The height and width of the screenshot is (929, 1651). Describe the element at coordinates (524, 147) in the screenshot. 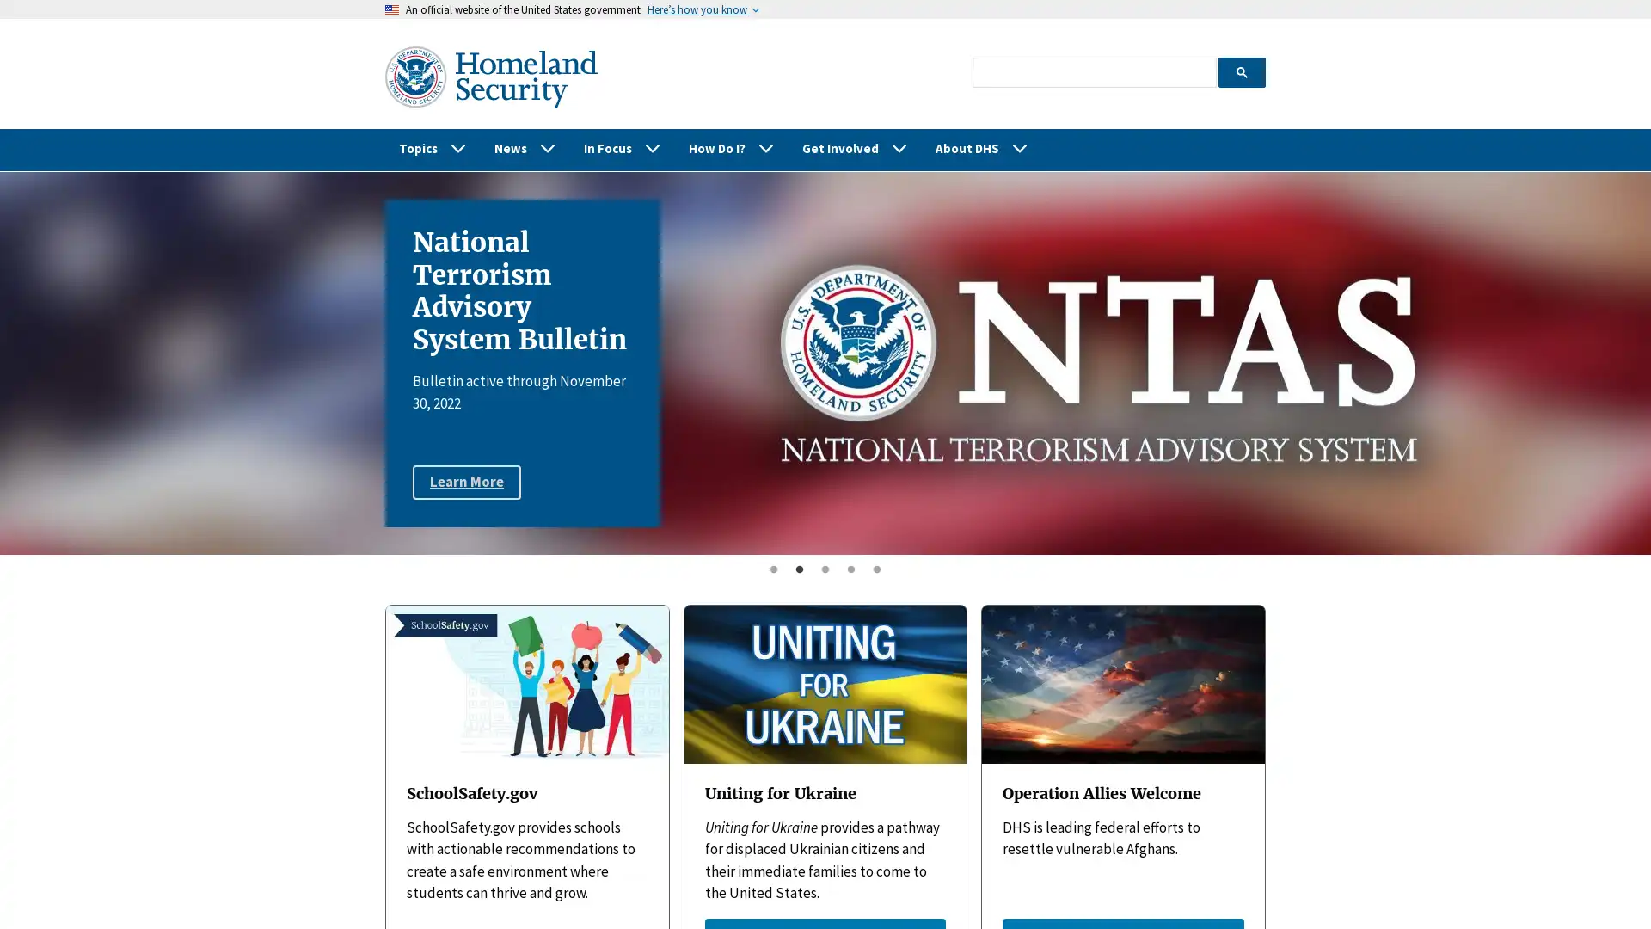

I see `News` at that location.